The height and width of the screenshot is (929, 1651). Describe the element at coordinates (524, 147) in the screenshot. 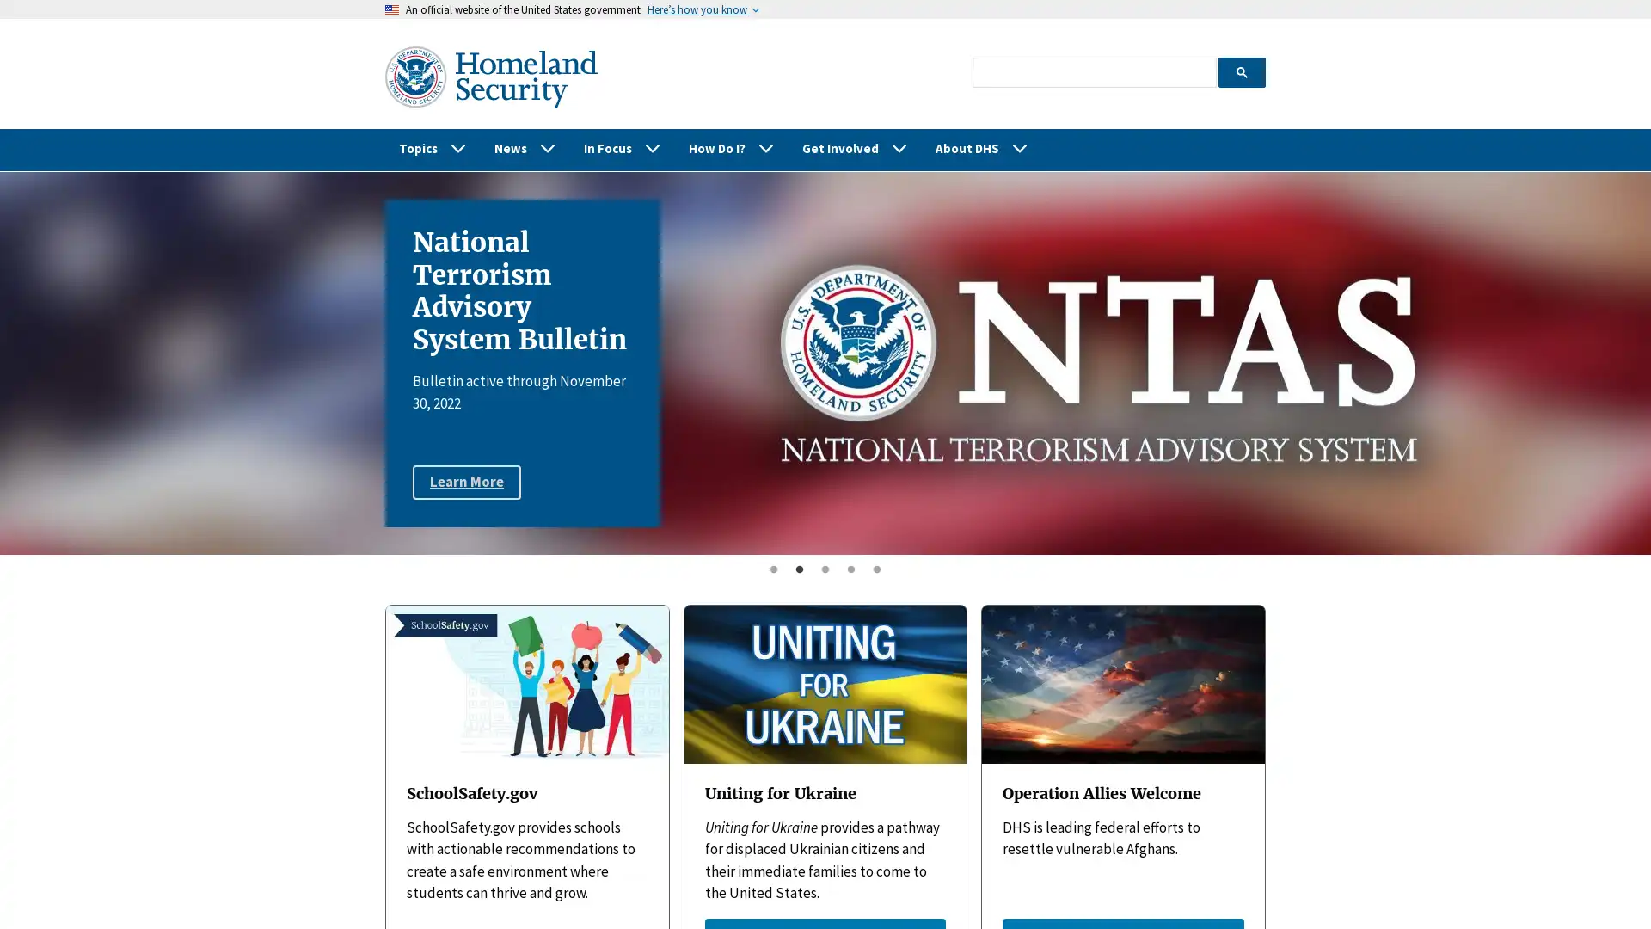

I see `News` at that location.